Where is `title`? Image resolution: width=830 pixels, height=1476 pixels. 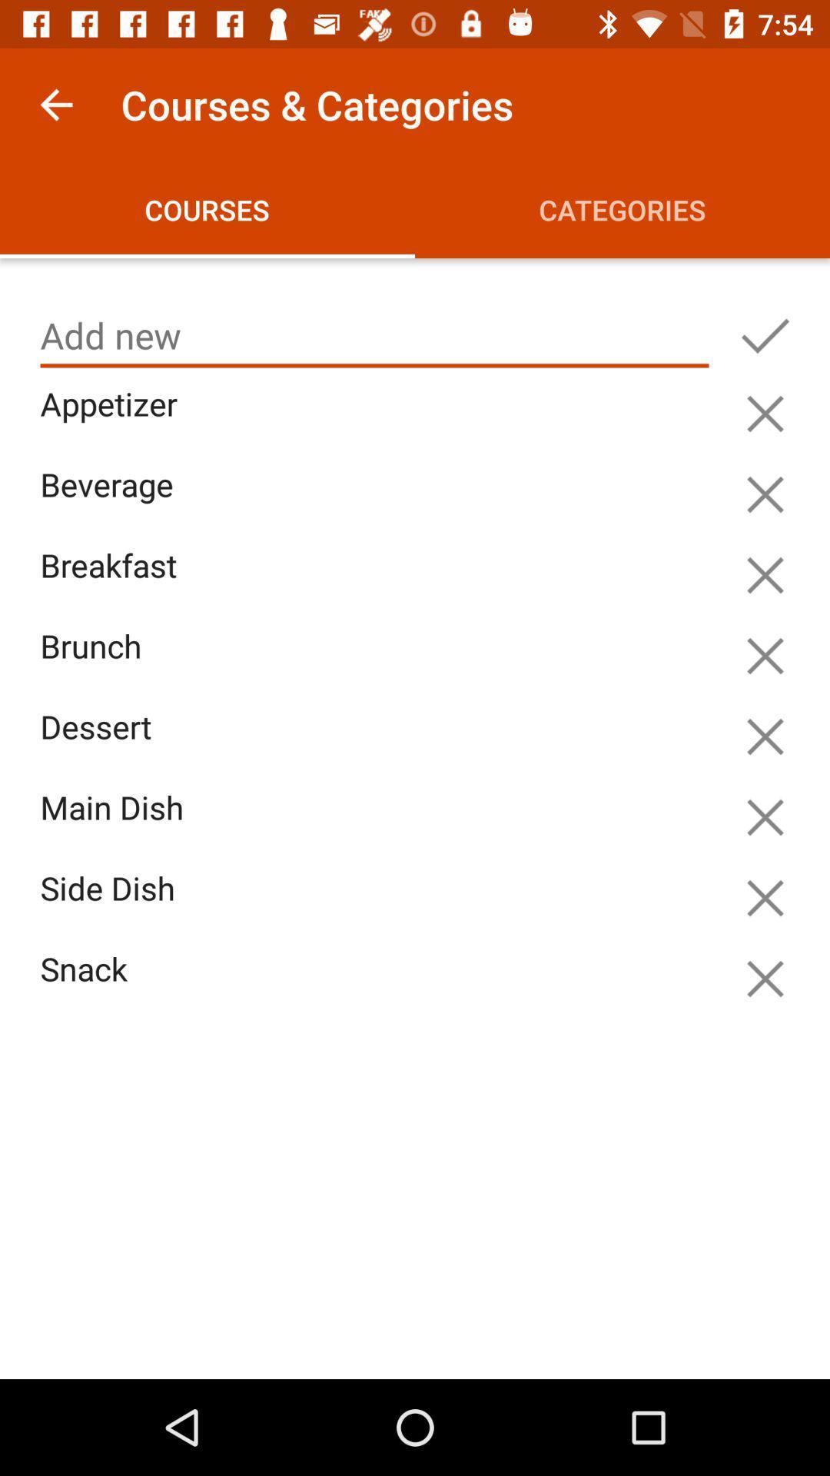
title is located at coordinates (374, 335).